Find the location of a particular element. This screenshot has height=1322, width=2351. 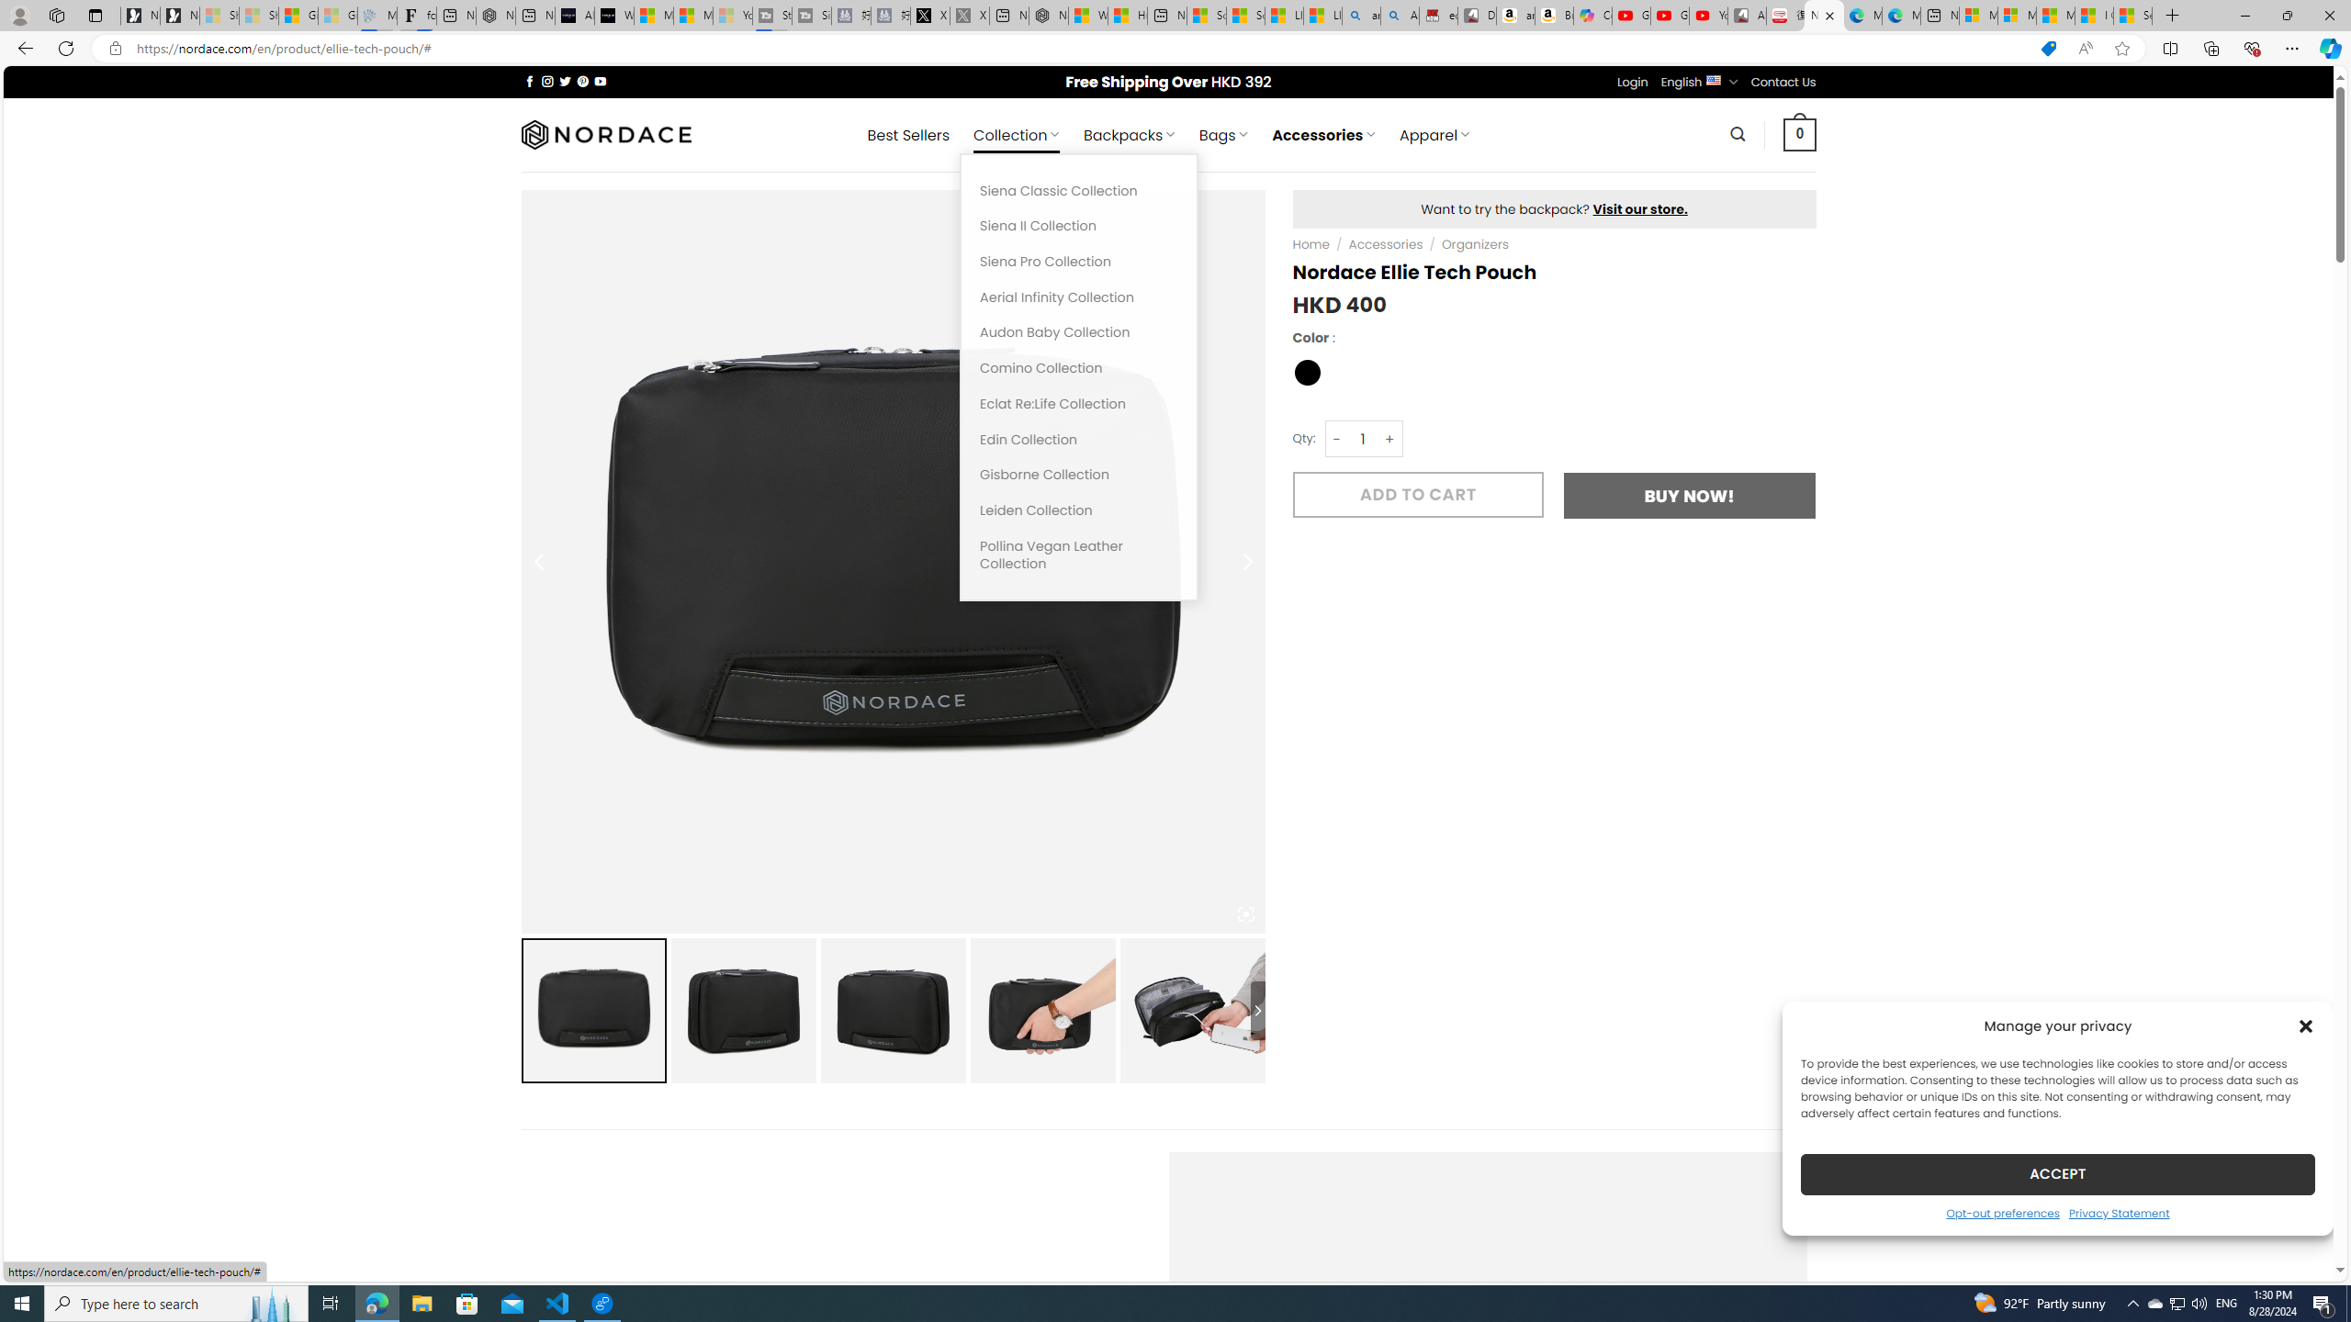

'Browser essentials' is located at coordinates (2251, 47).